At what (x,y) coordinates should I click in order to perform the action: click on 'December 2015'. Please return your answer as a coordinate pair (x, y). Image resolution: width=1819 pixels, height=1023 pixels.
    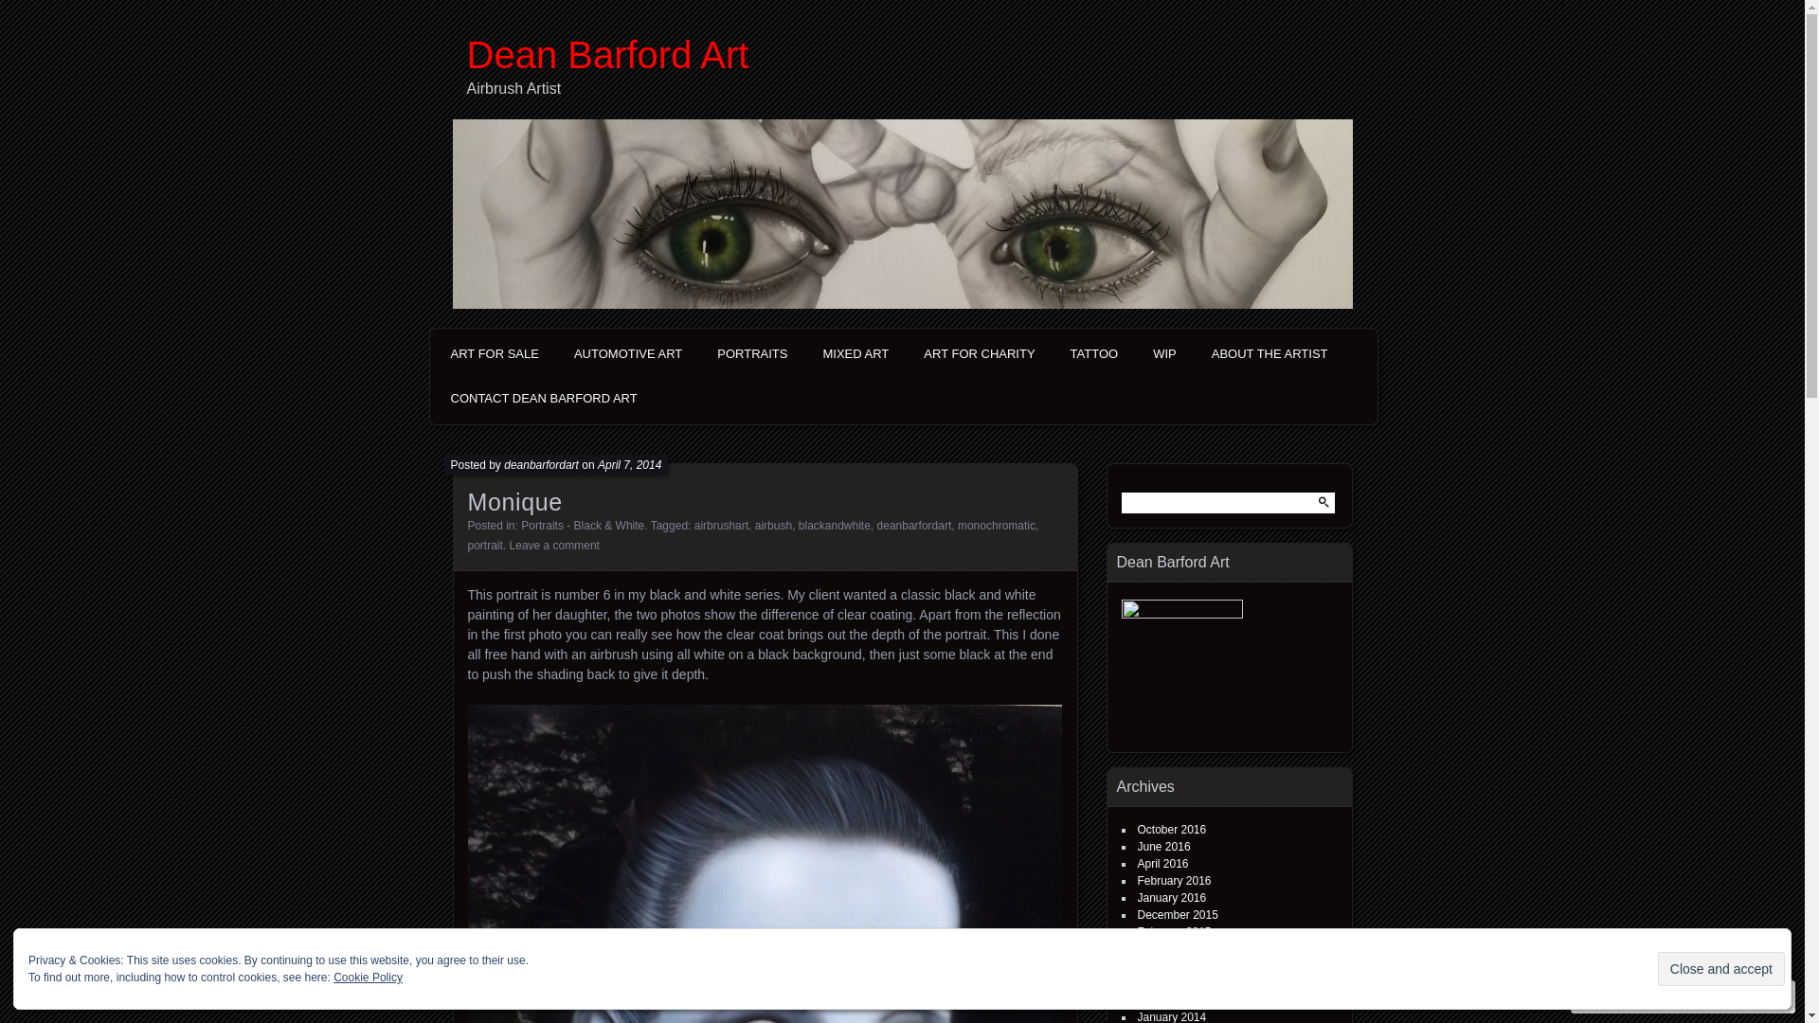
    Looking at the image, I should click on (1176, 913).